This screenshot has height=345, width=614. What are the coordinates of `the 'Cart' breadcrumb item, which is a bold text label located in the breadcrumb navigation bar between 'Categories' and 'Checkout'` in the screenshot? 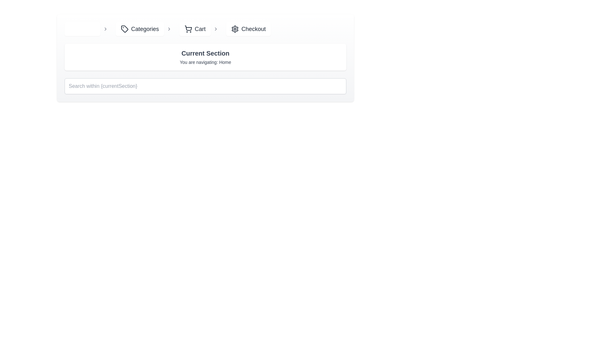 It's located at (200, 29).